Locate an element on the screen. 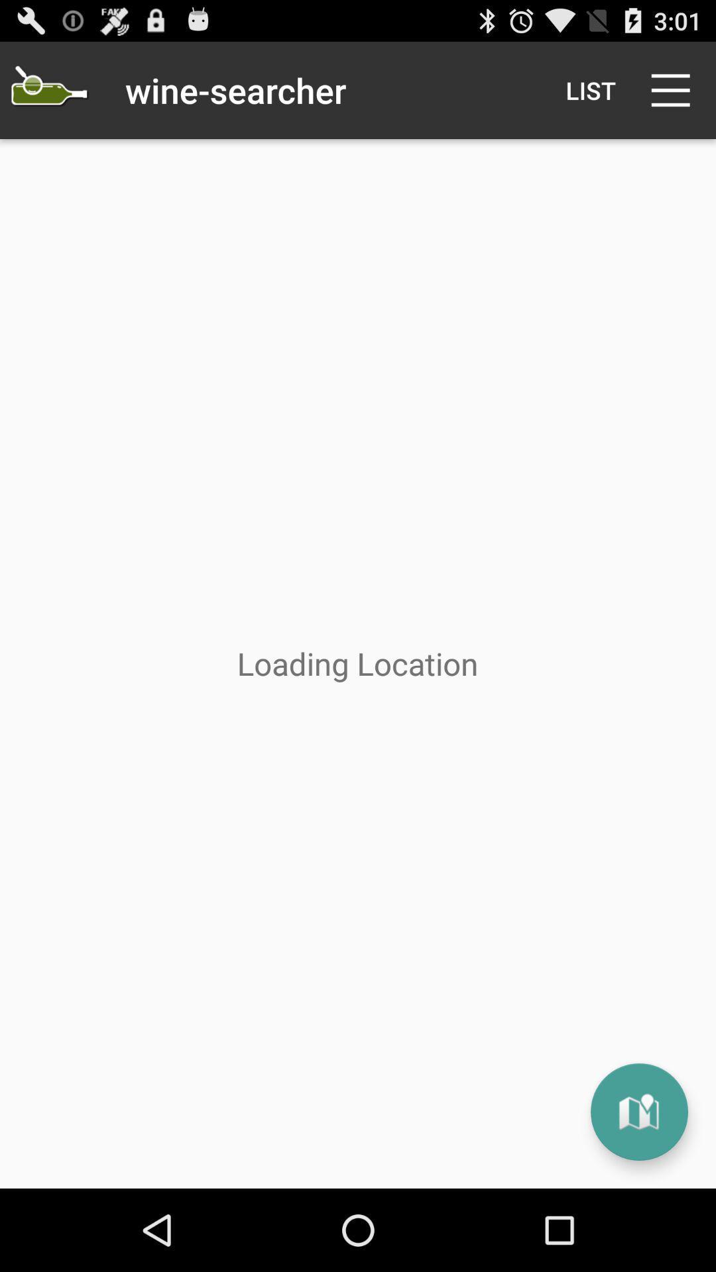 The height and width of the screenshot is (1272, 716). icon to the right of wine-searcher is located at coordinates (590, 89).